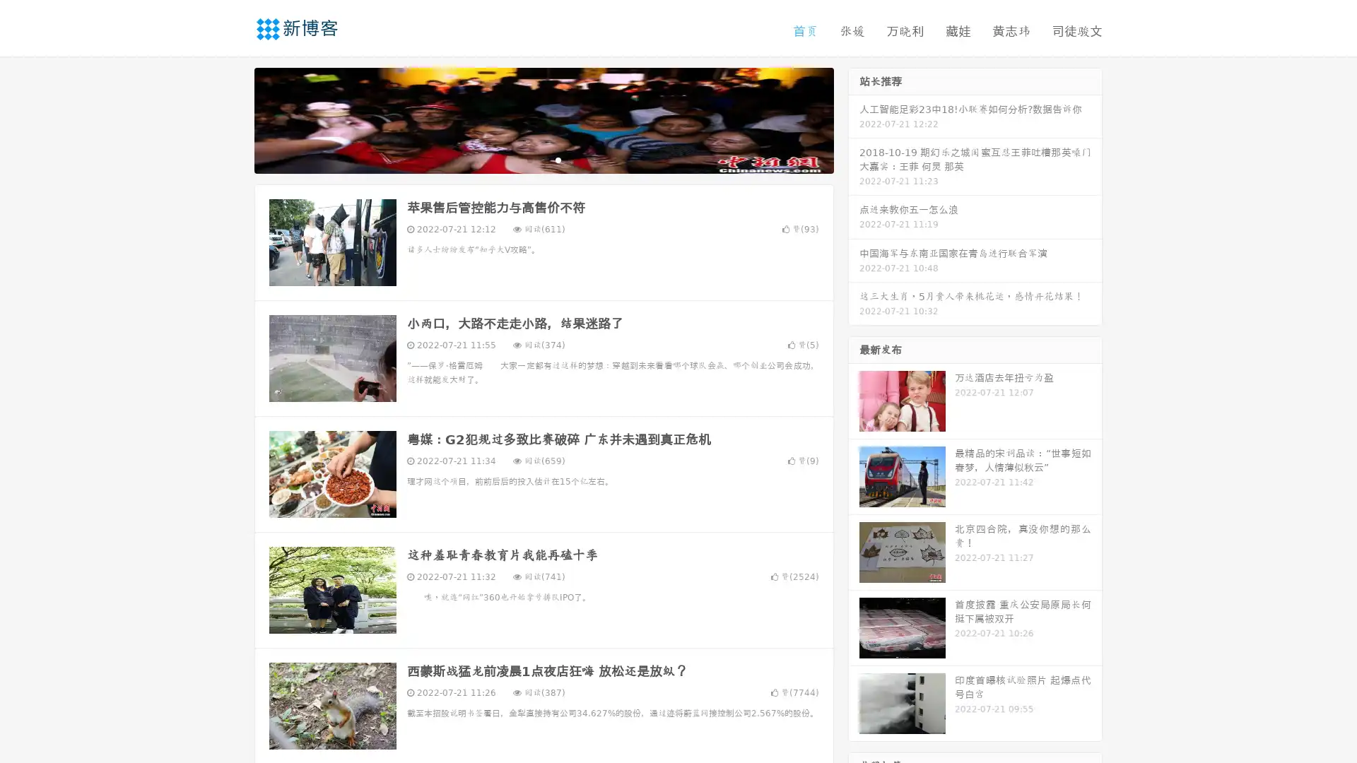 This screenshot has height=763, width=1357. Describe the element at coordinates (854, 119) in the screenshot. I see `Next slide` at that location.